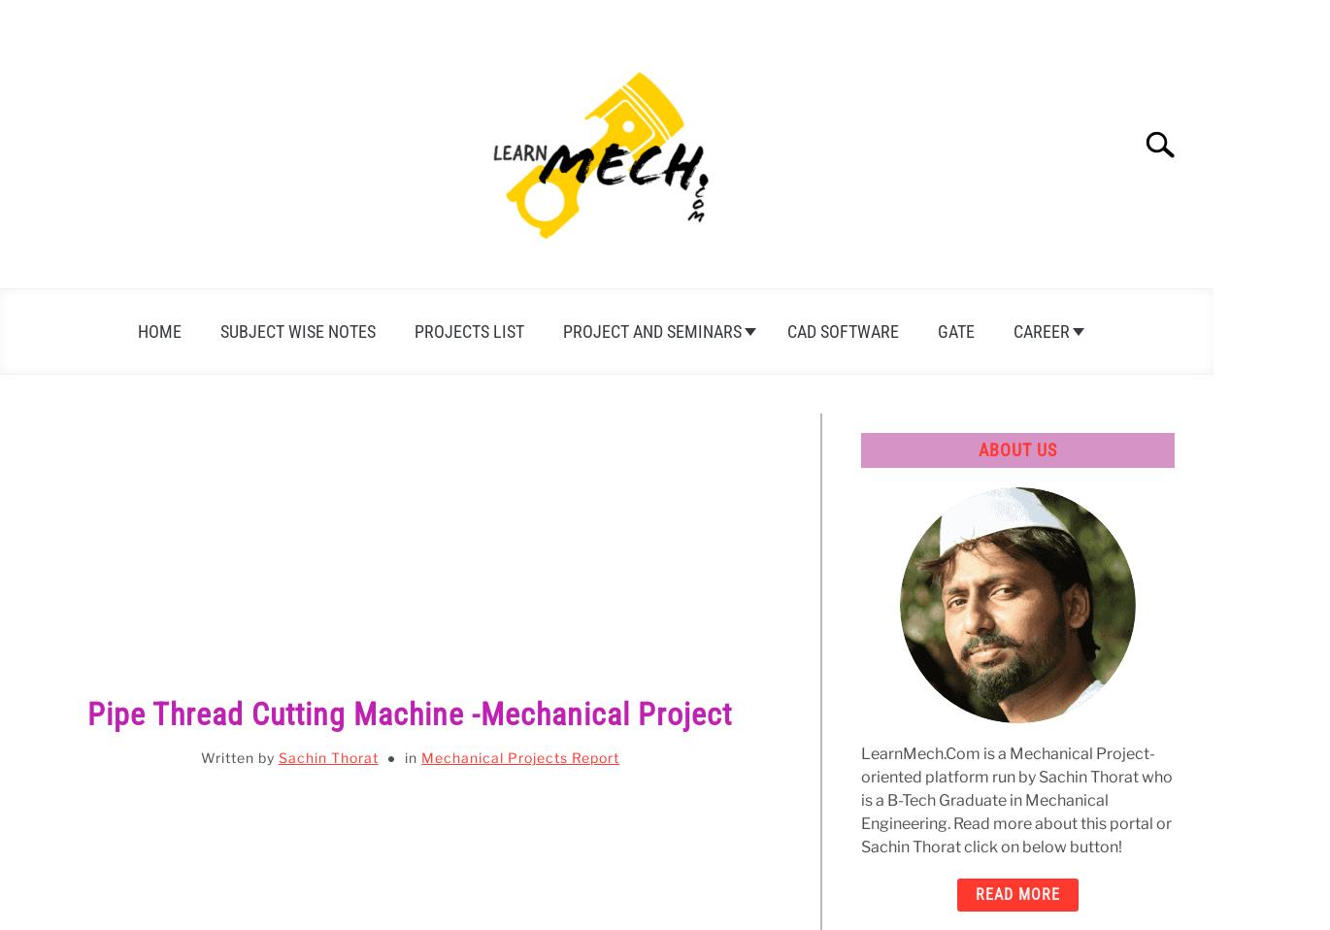  Describe the element at coordinates (1016, 893) in the screenshot. I see `'READ MORE'` at that location.